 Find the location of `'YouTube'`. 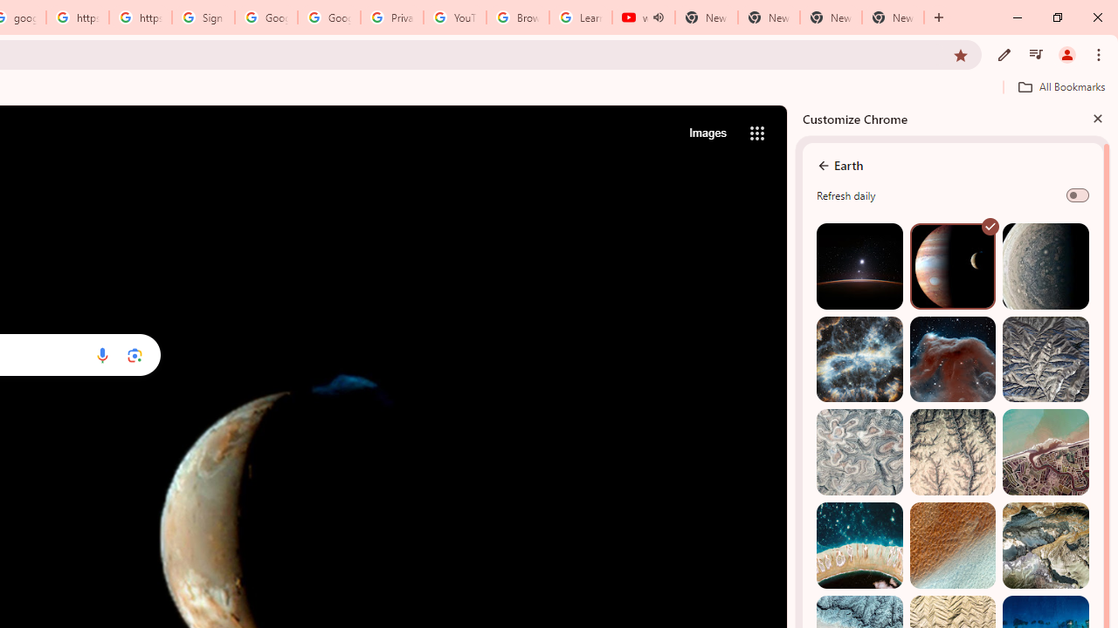

'YouTube' is located at coordinates (454, 17).